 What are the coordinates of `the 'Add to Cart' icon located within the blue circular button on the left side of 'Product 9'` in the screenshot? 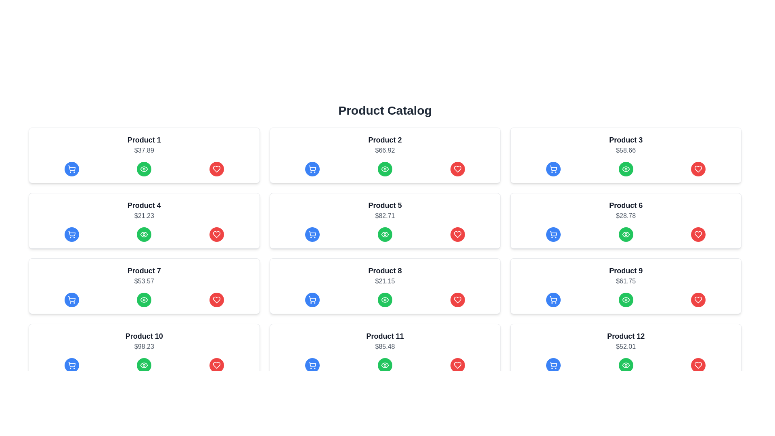 It's located at (553, 300).